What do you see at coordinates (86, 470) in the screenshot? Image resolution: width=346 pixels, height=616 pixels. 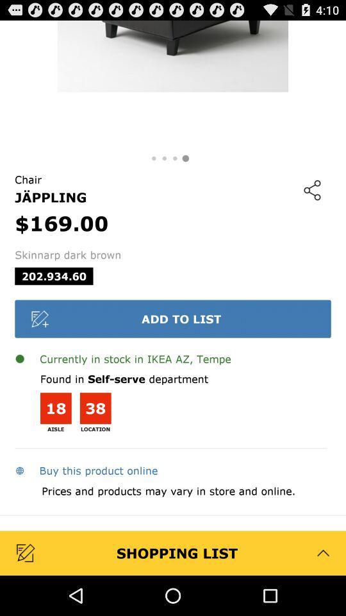 I see `the buy this product icon` at bounding box center [86, 470].